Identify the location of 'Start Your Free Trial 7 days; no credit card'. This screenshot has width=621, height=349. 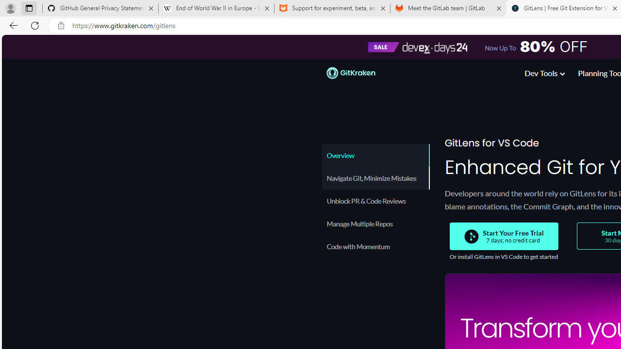
(504, 236).